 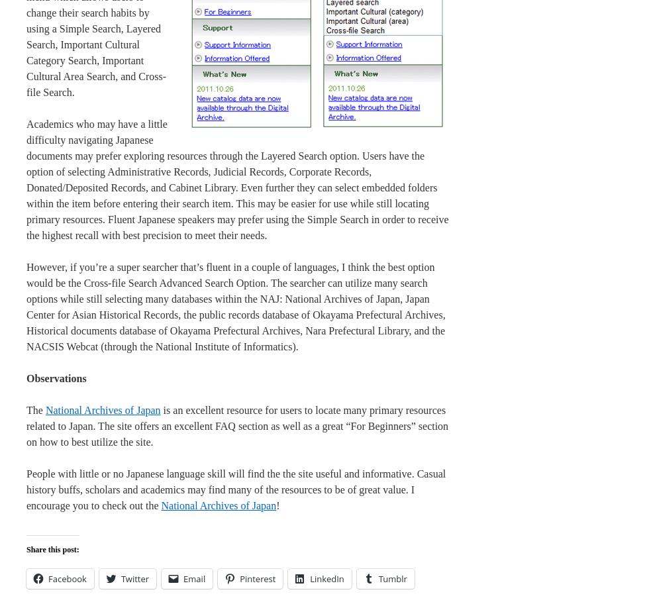 What do you see at coordinates (194, 578) in the screenshot?
I see `'Email'` at bounding box center [194, 578].